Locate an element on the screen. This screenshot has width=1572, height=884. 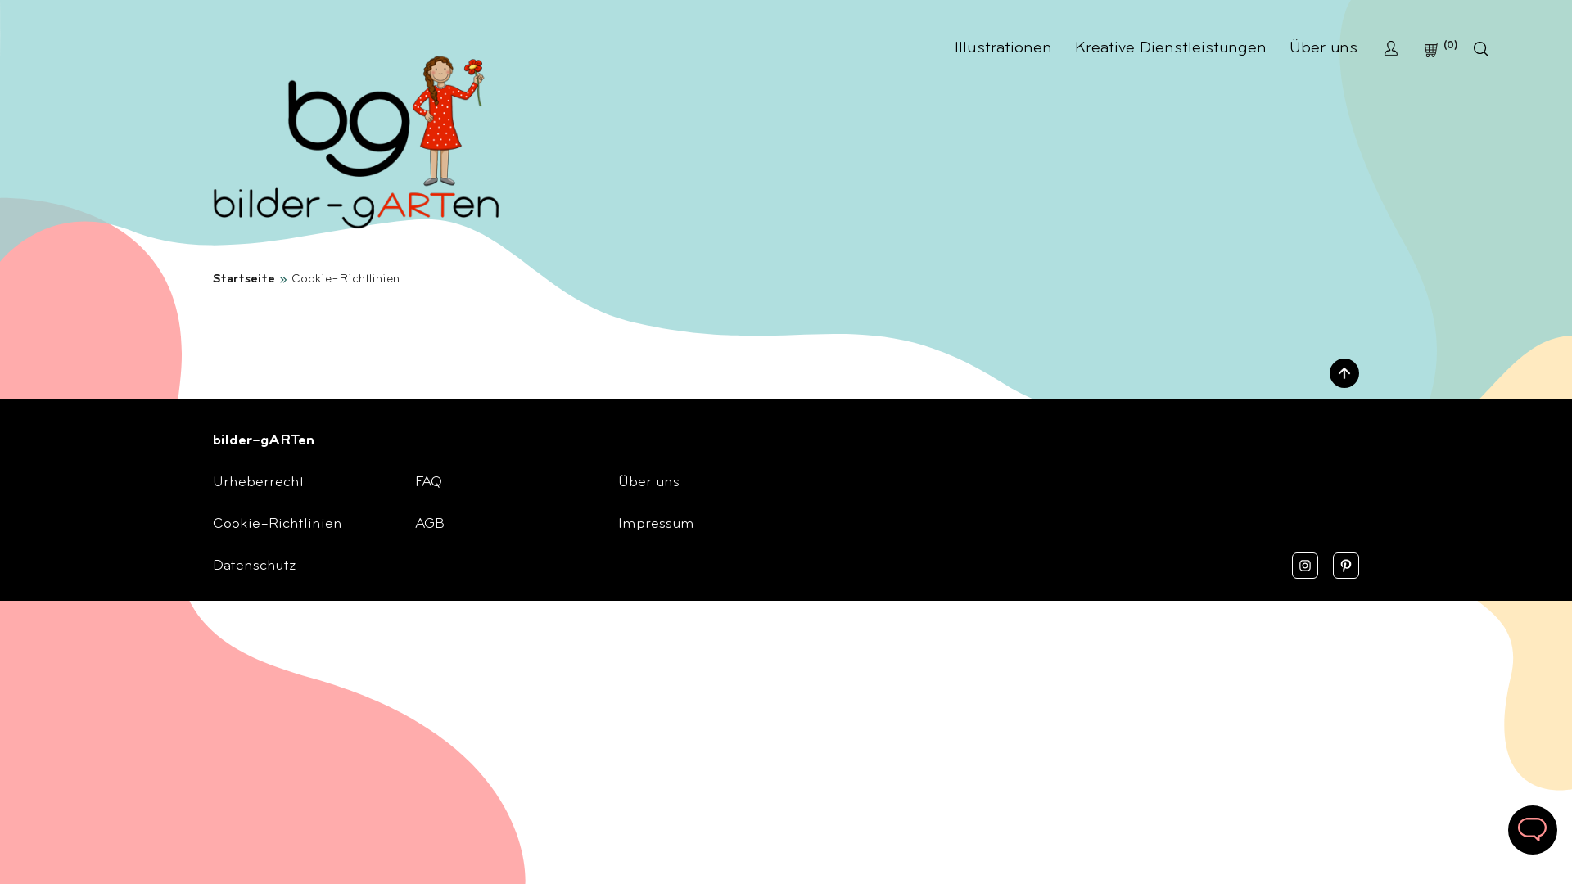
'Urheberrecht' is located at coordinates (211, 482).